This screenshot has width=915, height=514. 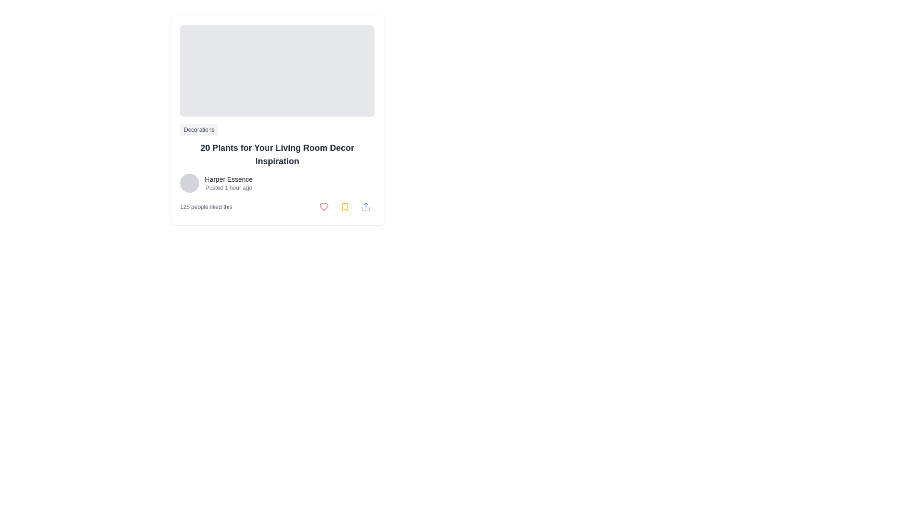 What do you see at coordinates (345, 207) in the screenshot?
I see `the bookmark button, which is the second circular button in the group below the main card's content` at bounding box center [345, 207].